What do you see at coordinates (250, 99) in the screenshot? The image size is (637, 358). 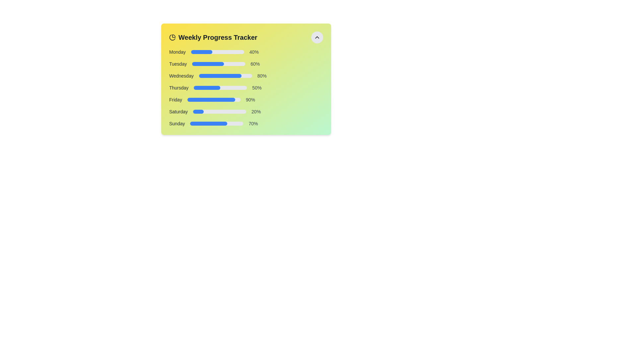 I see `the progress percentage text associated with 'Friday'` at bounding box center [250, 99].